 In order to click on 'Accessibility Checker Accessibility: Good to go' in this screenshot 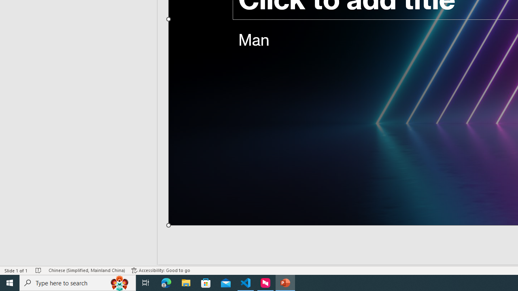, I will do `click(161, 270)`.